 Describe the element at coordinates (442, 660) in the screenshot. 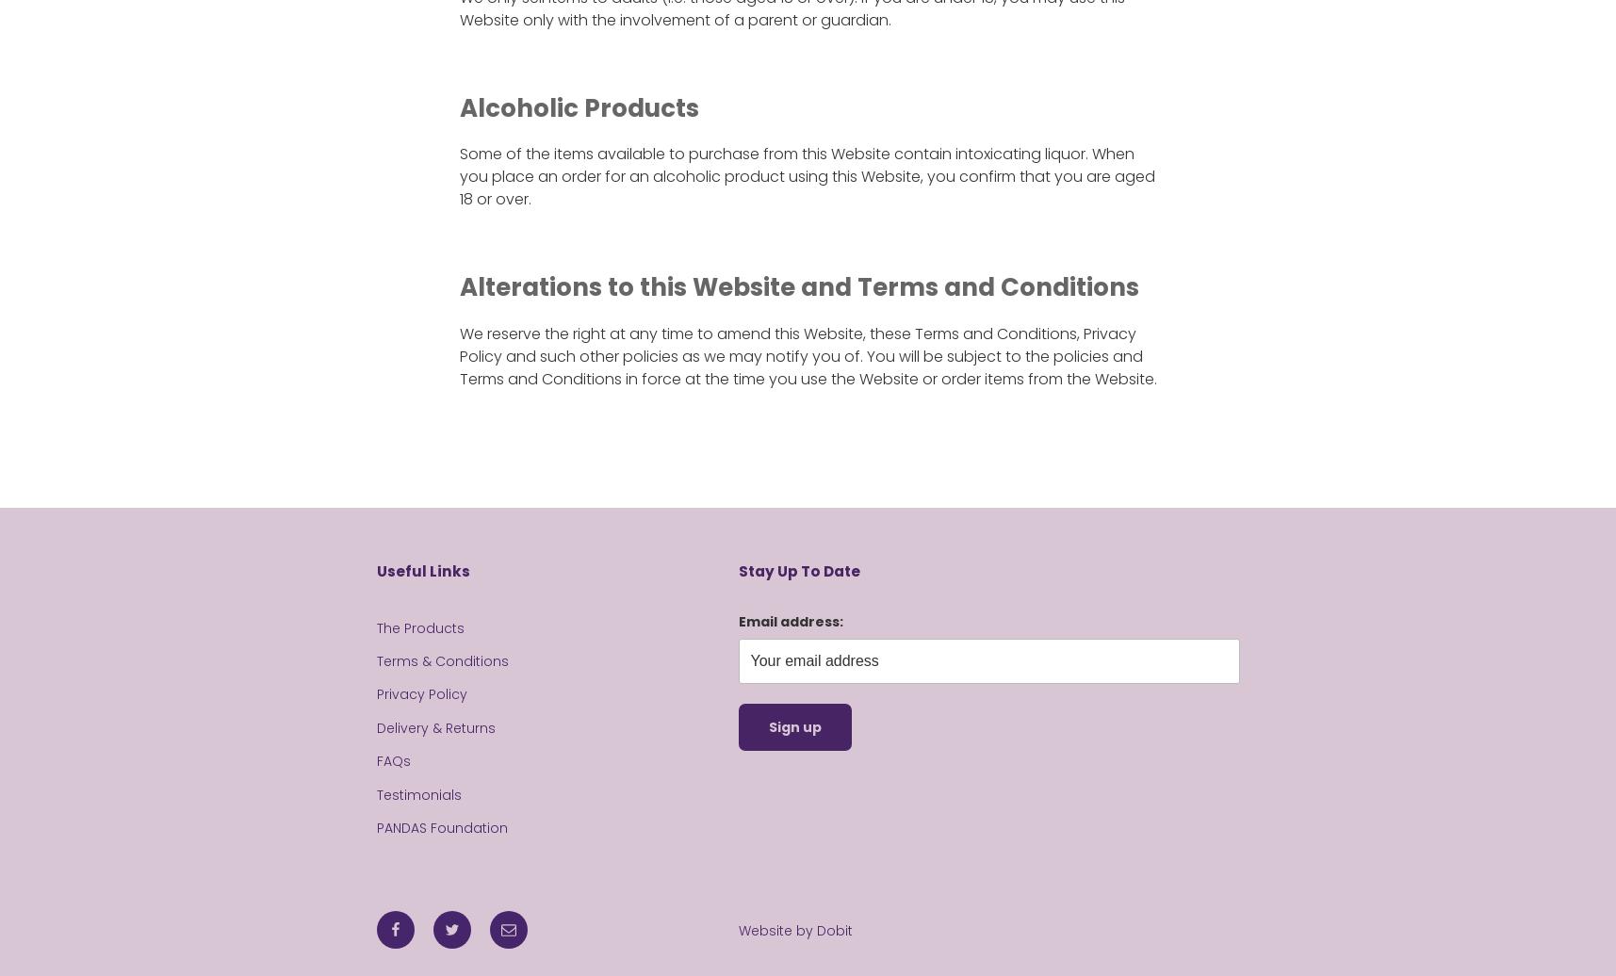

I see `'Terms & Conditions'` at that location.